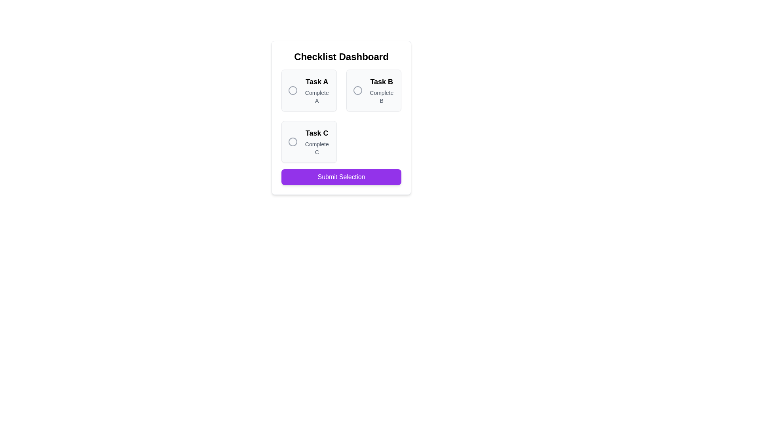  Describe the element at coordinates (292, 90) in the screenshot. I see `the circular status indicator` at that location.